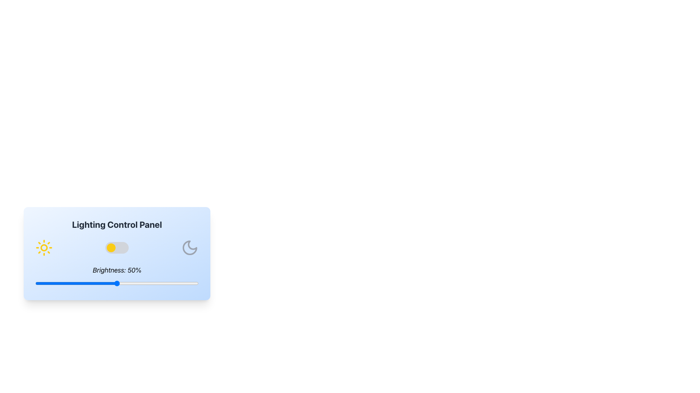  What do you see at coordinates (117, 224) in the screenshot?
I see `the heading element that indicates the primary function of the control panel related to lighting control, positioned in the upper area of a light blue panel` at bounding box center [117, 224].